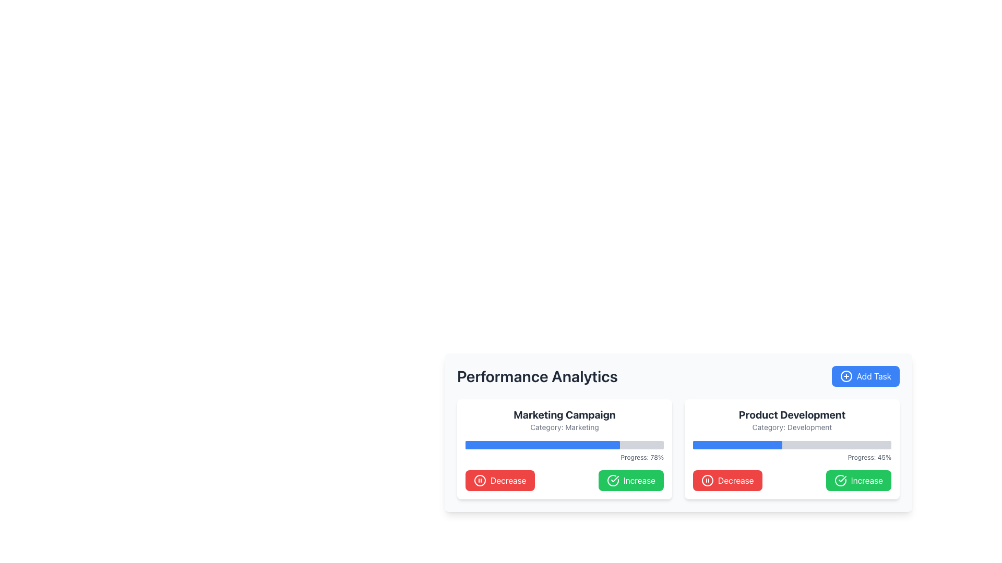  Describe the element at coordinates (858, 480) in the screenshot. I see `the 'Increase' button with a green background and a checkmark icon, located in the bottom-right corner of the 'Product Development' card` at that location.